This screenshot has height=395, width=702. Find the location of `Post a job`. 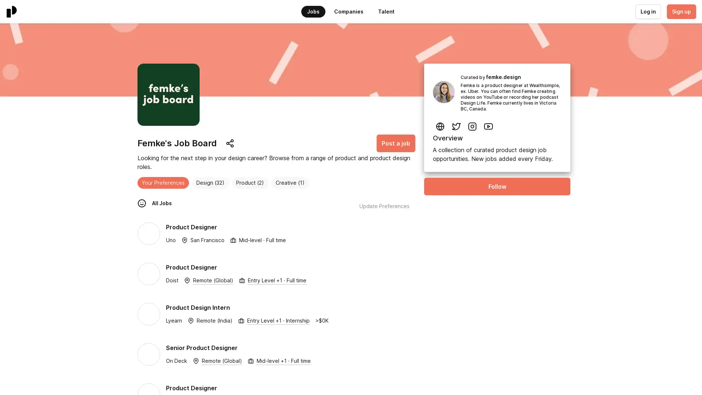

Post a job is located at coordinates (396, 143).